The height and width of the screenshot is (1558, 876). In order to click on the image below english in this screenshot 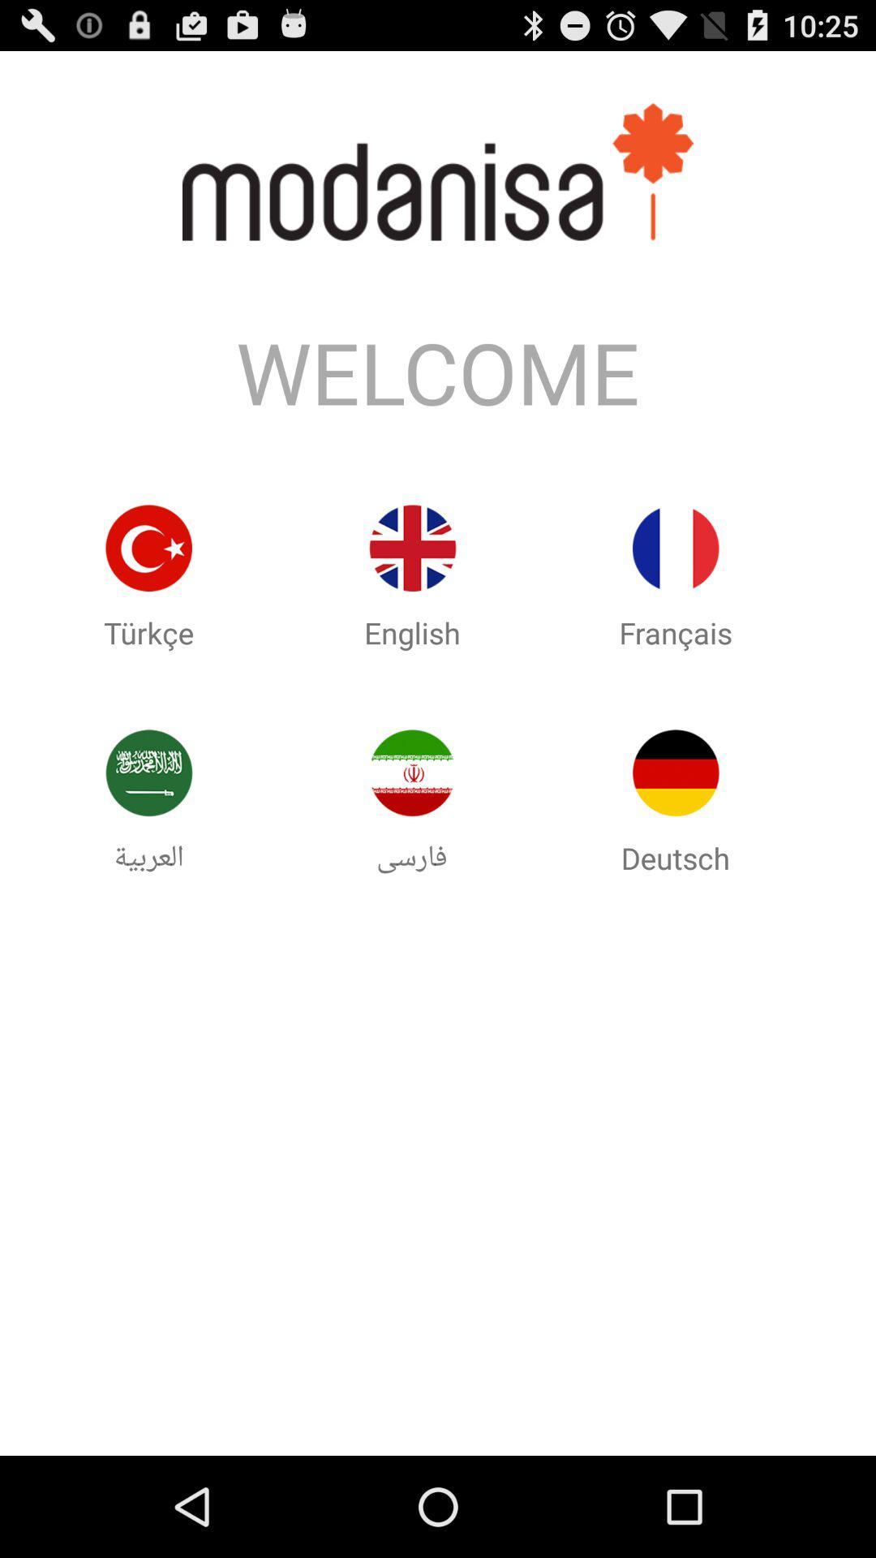, I will do `click(412, 773)`.